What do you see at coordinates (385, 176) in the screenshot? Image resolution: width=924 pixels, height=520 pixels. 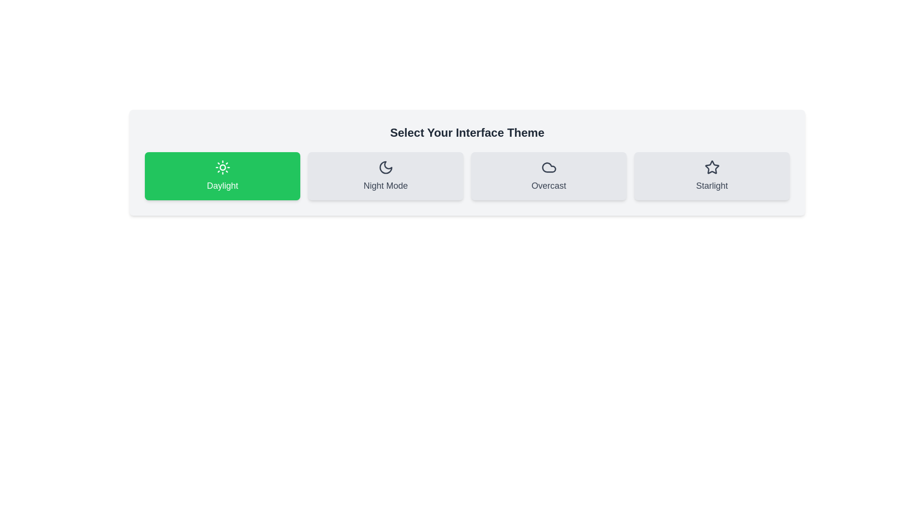 I see `the theme button labeled Night Mode` at bounding box center [385, 176].